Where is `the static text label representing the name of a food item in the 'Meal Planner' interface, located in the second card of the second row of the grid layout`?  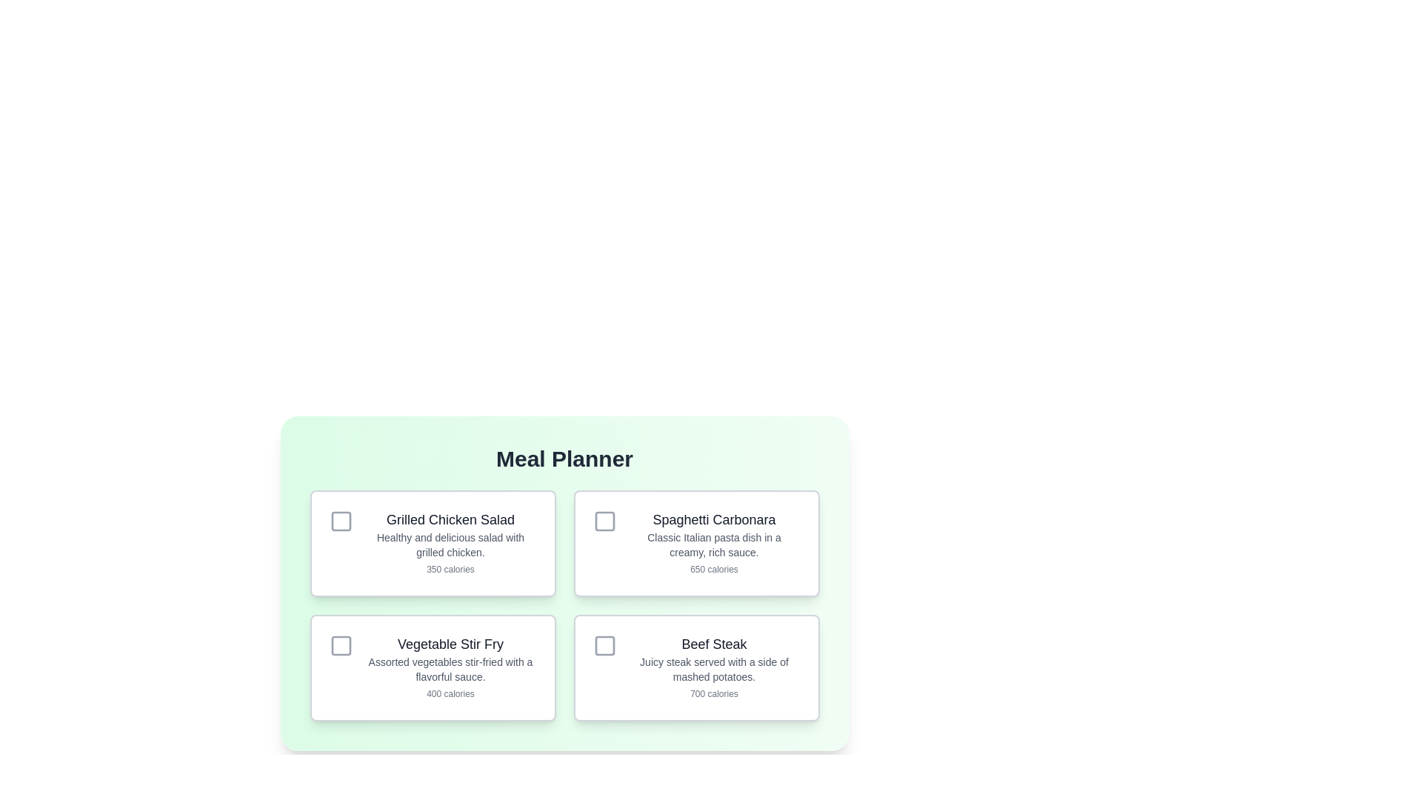 the static text label representing the name of a food item in the 'Meal Planner' interface, located in the second card of the second row of the grid layout is located at coordinates (450, 644).